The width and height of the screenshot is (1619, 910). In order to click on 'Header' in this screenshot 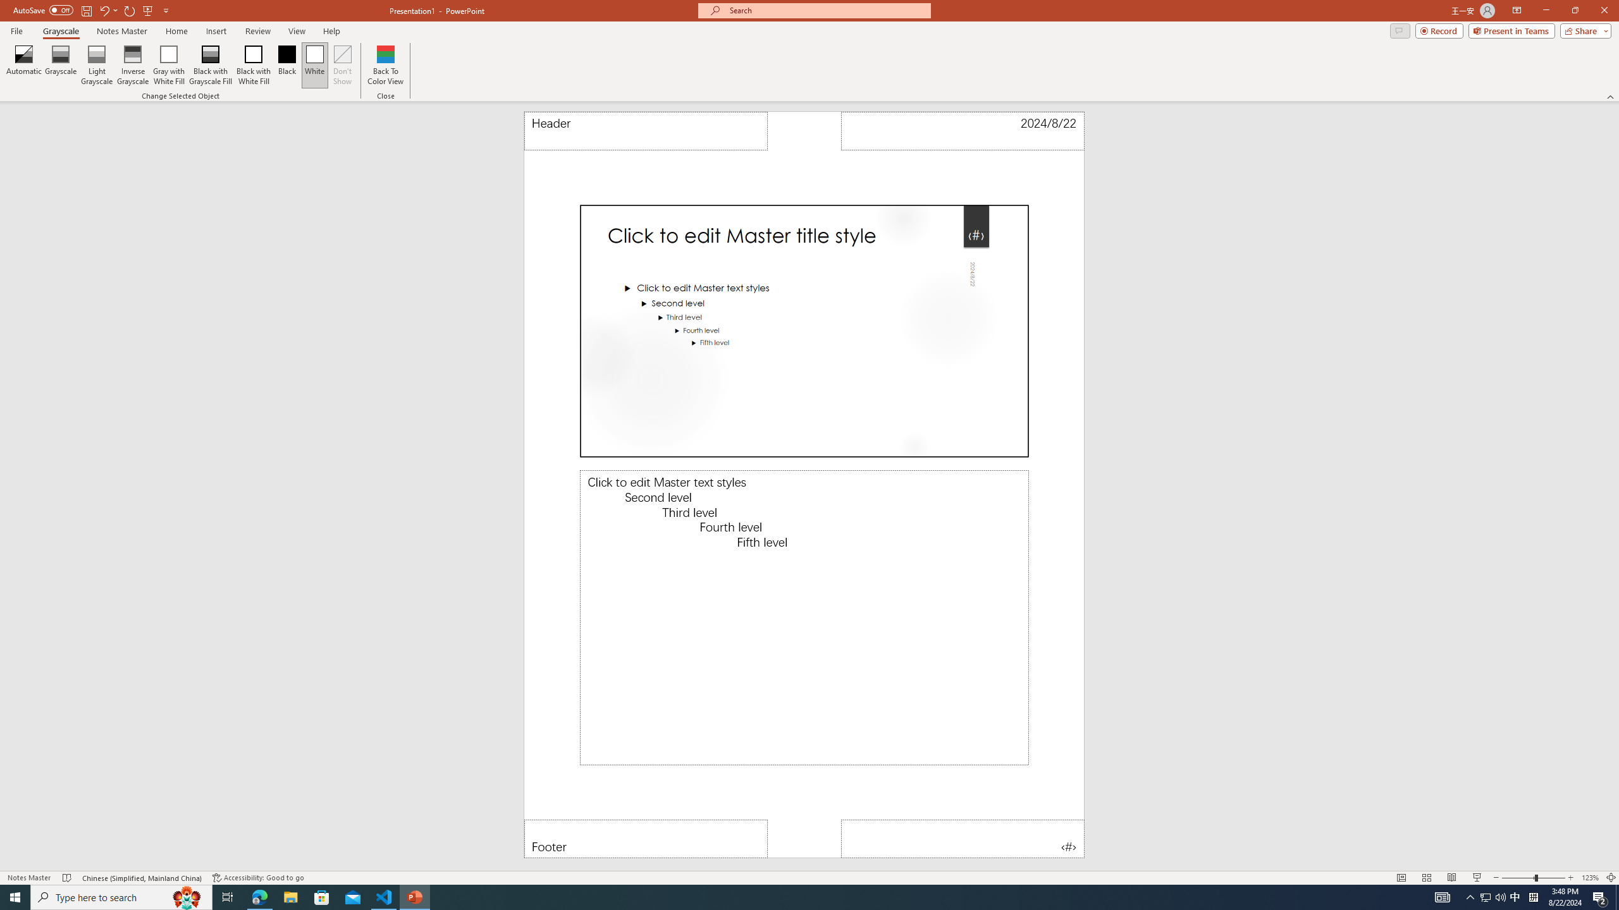, I will do `click(645, 130)`.